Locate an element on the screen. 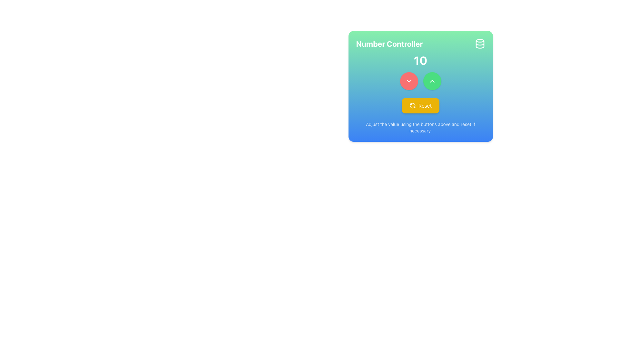 The image size is (619, 348). the circular green button with a white upward-pointing chevron icon is located at coordinates (432, 81).